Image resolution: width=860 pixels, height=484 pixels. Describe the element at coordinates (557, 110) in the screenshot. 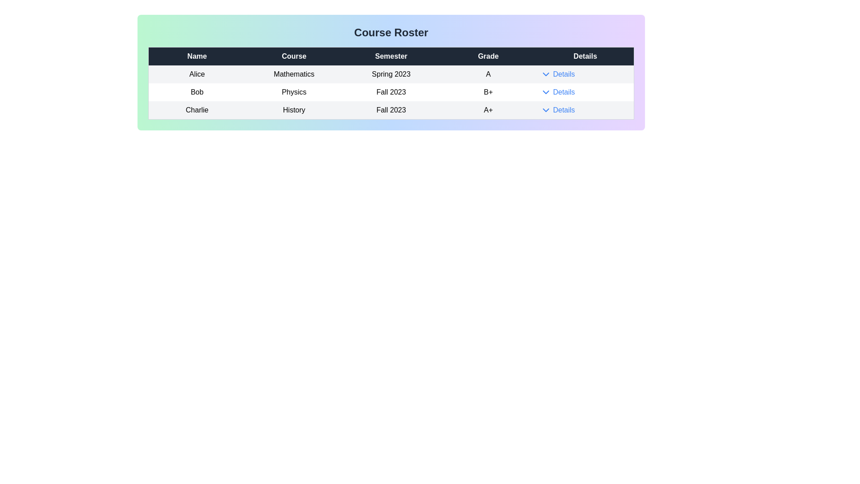

I see `the 'Details' hyperlink` at that location.